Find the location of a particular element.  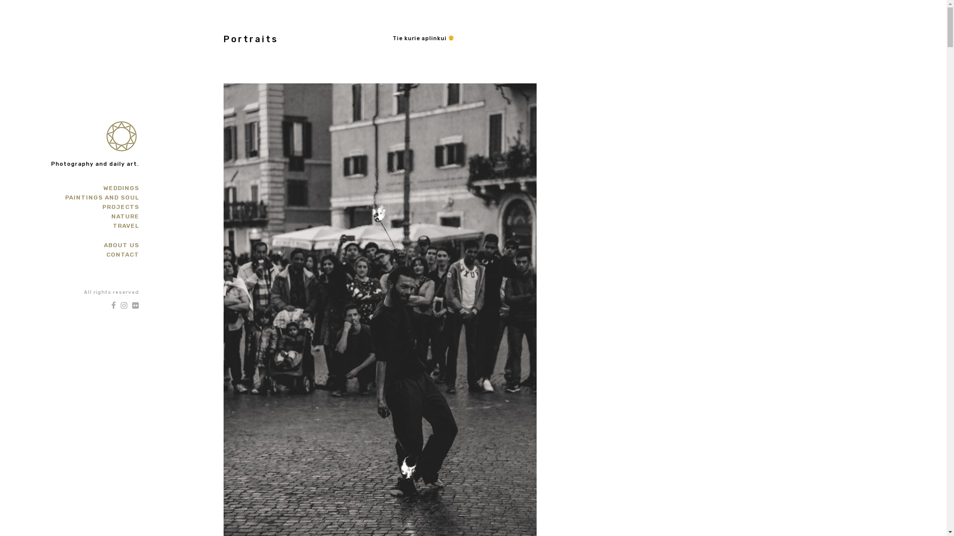

'PROJECTS' is located at coordinates (102, 206).